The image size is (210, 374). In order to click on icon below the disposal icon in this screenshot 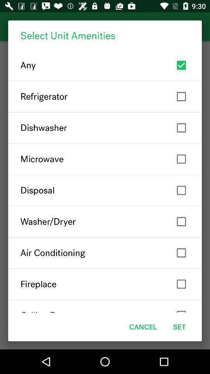, I will do `click(105, 221)`.